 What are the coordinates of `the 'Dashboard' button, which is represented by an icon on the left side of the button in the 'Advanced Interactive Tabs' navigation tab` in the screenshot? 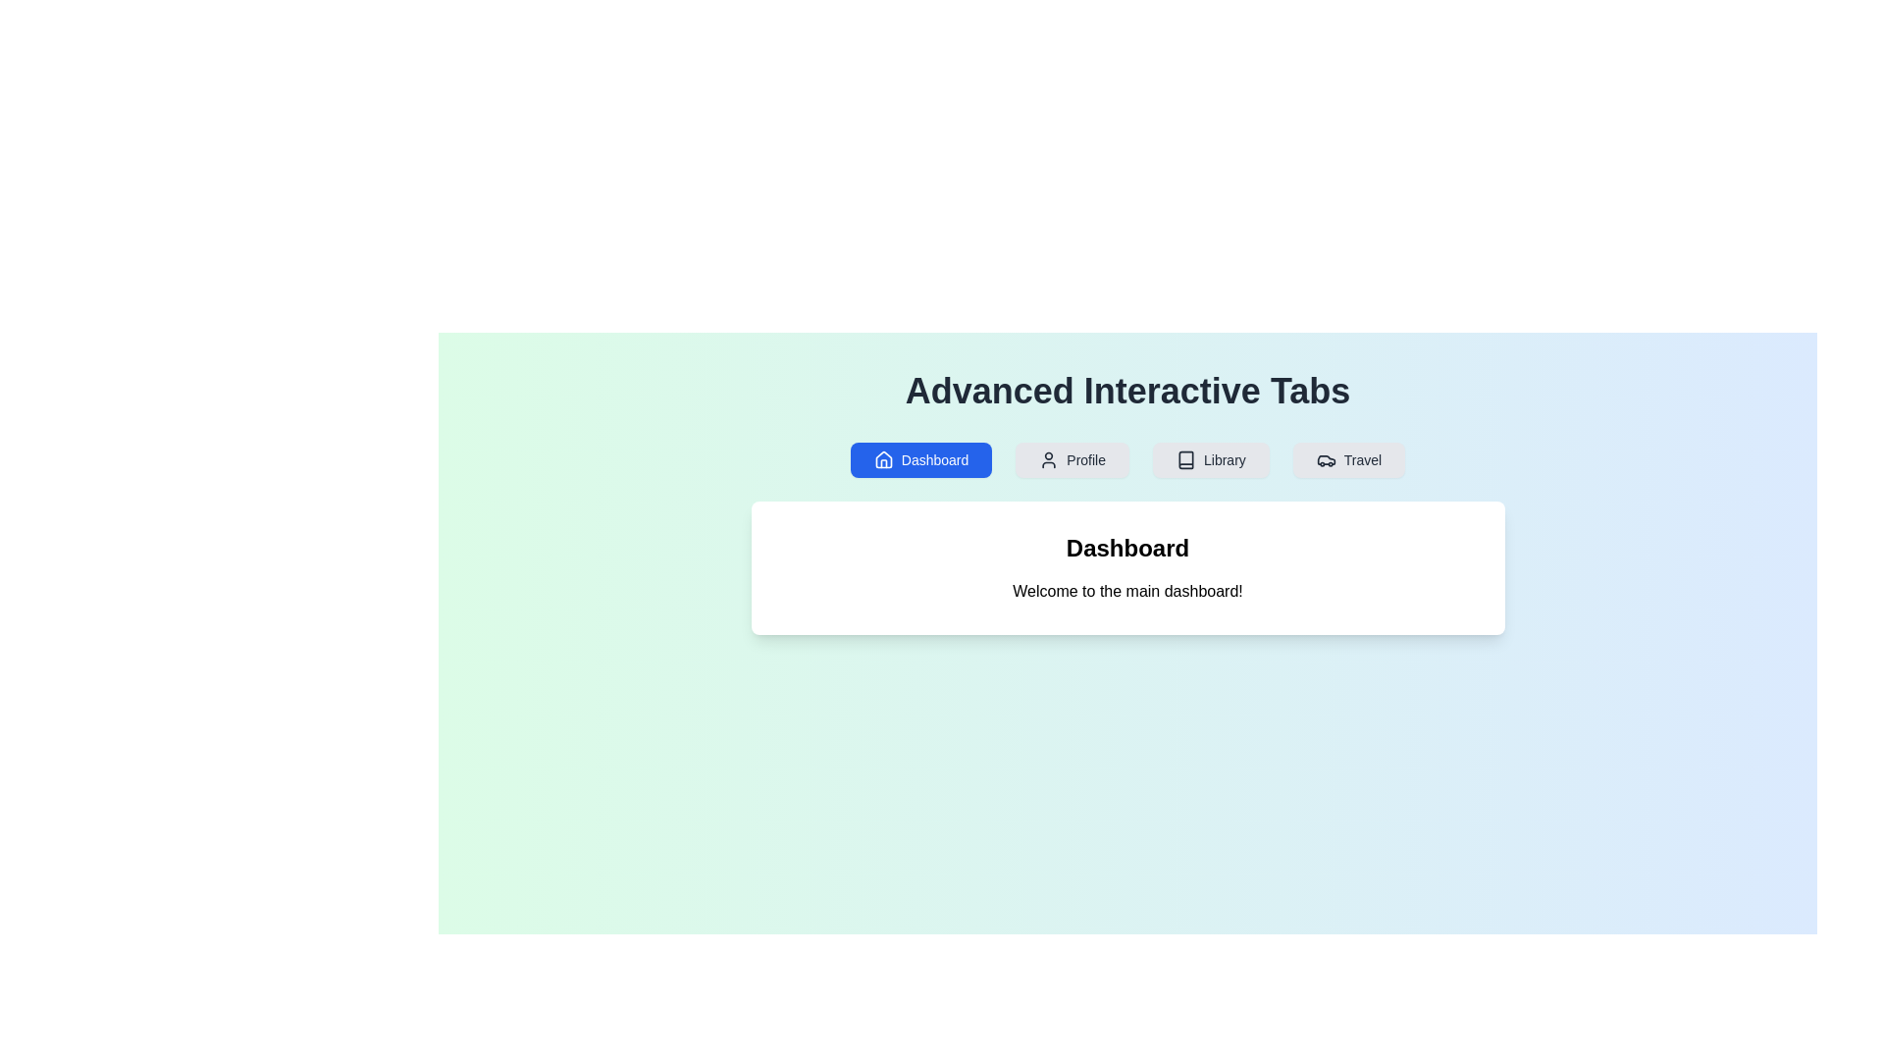 It's located at (882, 460).